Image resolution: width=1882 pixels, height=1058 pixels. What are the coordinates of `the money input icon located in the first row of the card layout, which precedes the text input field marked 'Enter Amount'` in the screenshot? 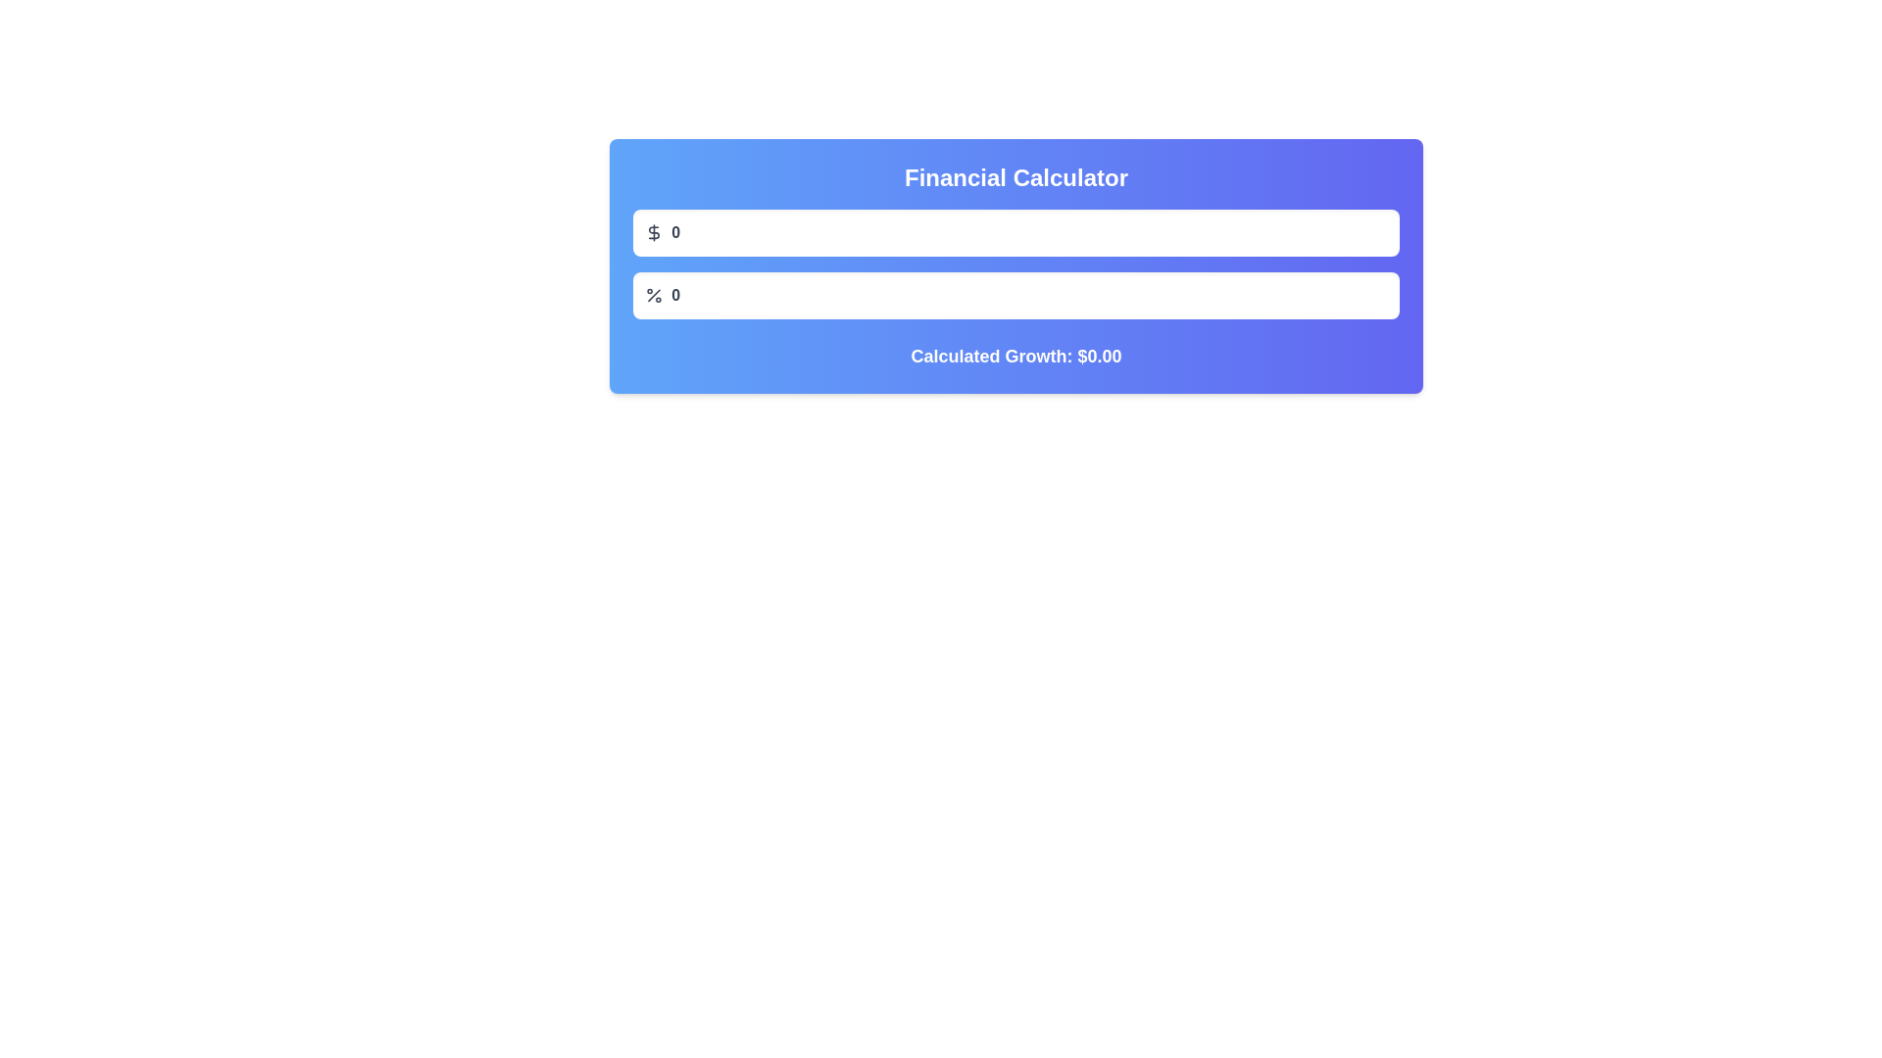 It's located at (654, 232).